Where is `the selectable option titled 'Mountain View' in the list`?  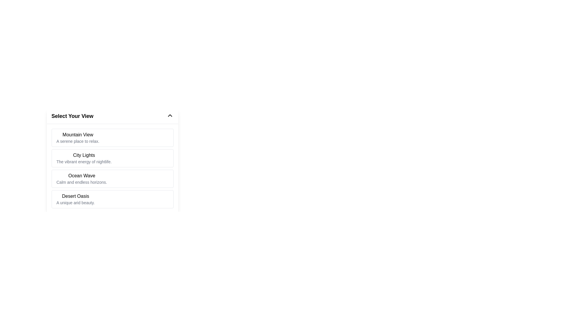 the selectable option titled 'Mountain View' in the list is located at coordinates (112, 138).